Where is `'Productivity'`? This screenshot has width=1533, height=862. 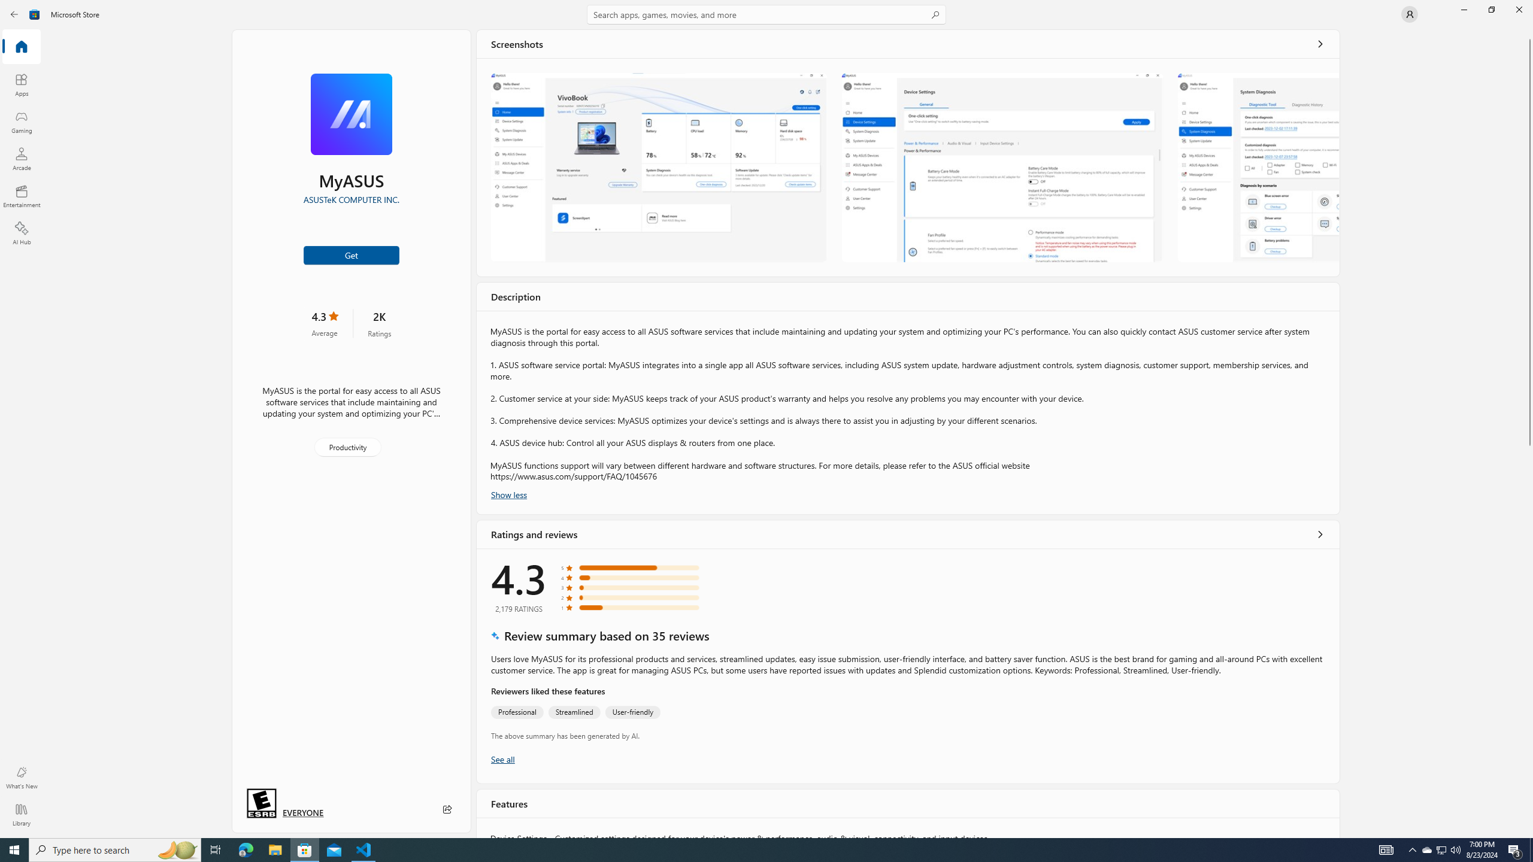
'Productivity' is located at coordinates (346, 447).